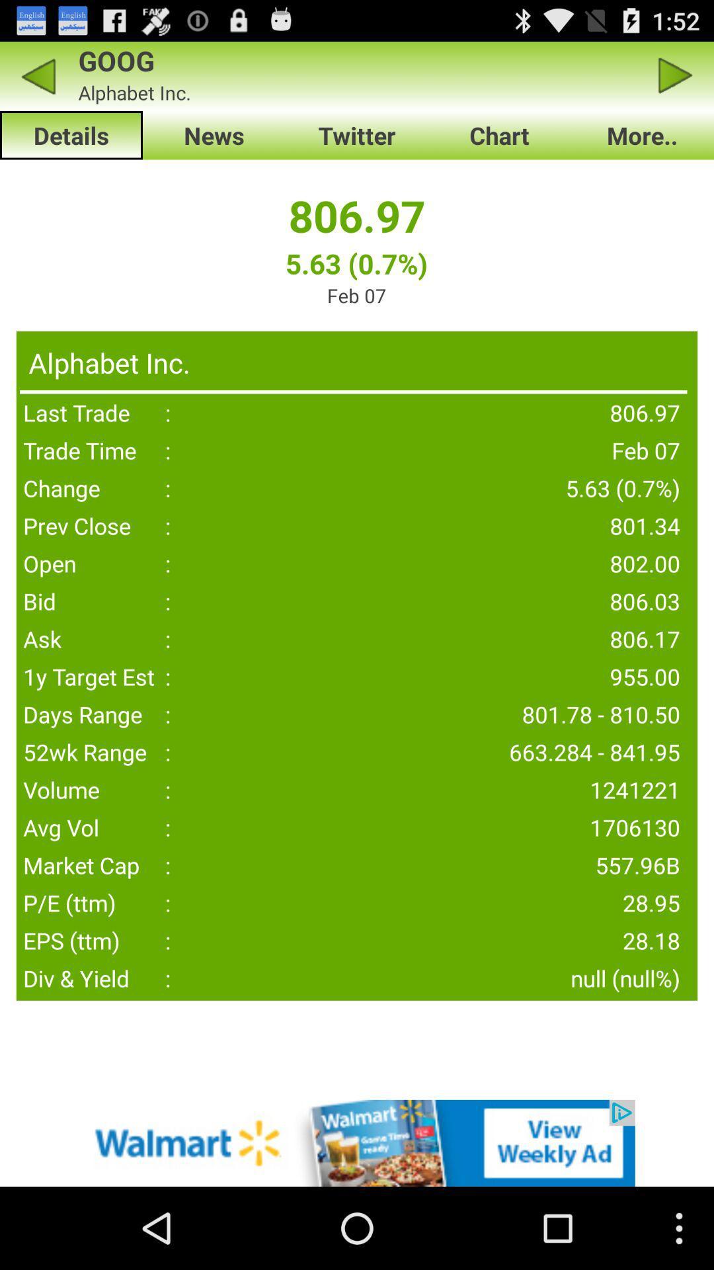  What do you see at coordinates (676, 75) in the screenshot?
I see `button` at bounding box center [676, 75].